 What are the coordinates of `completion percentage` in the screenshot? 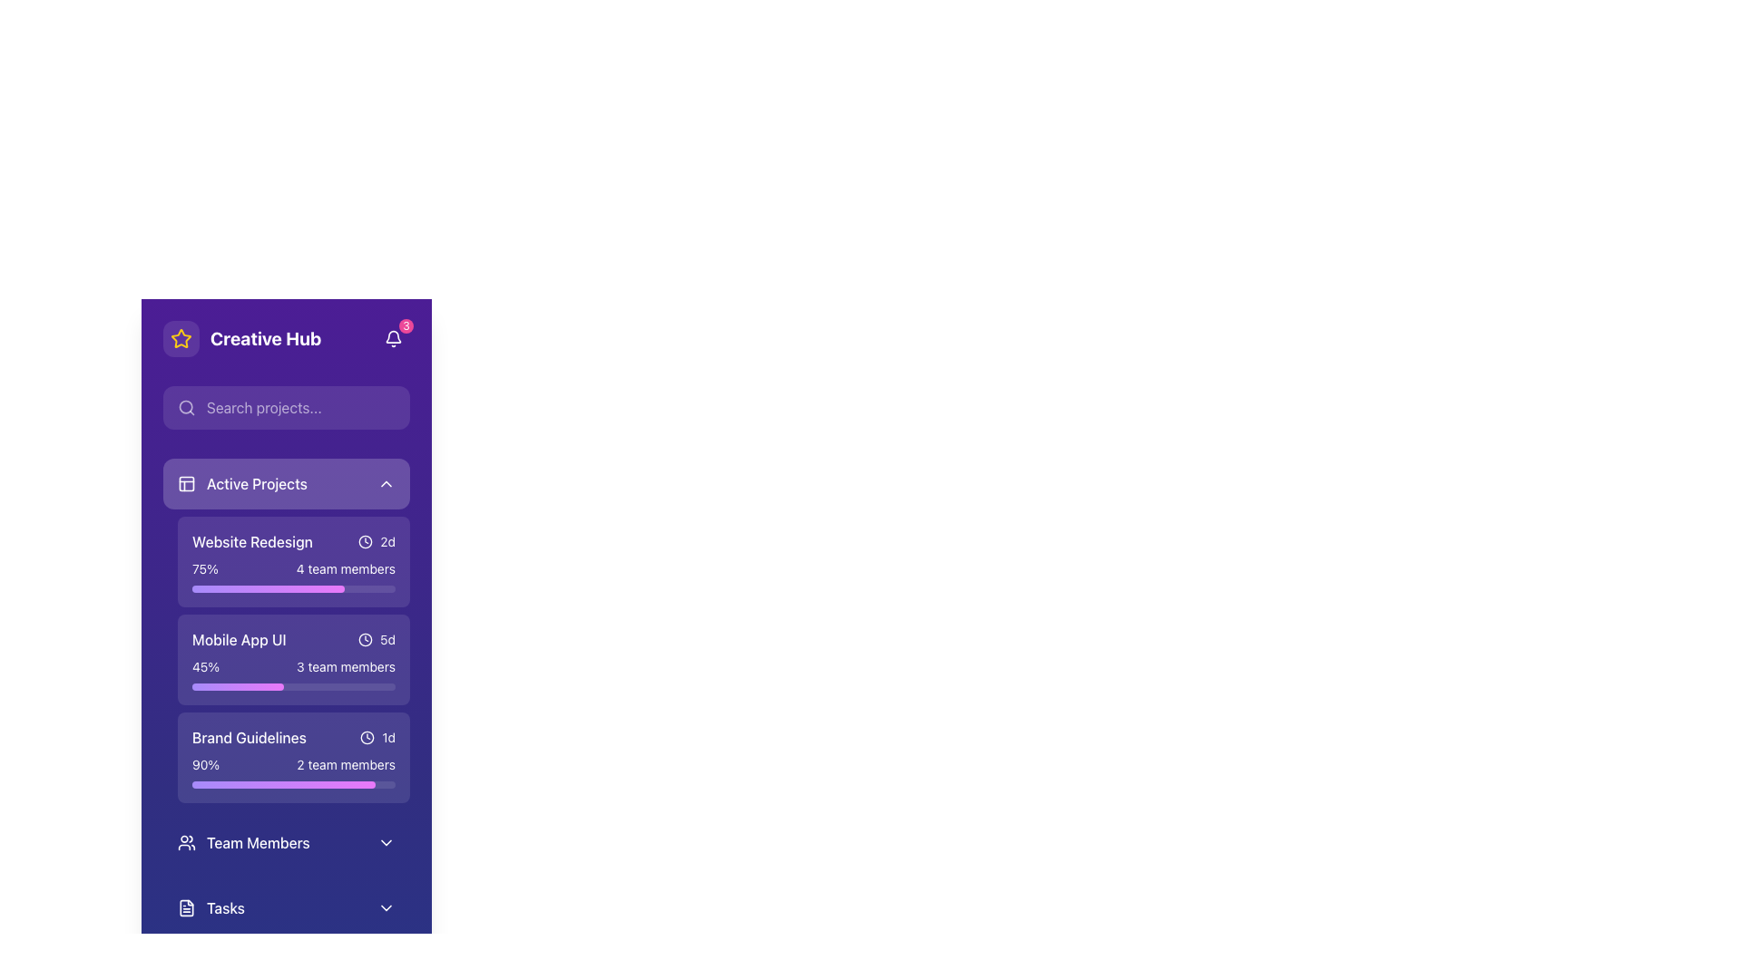 It's located at (204, 589).